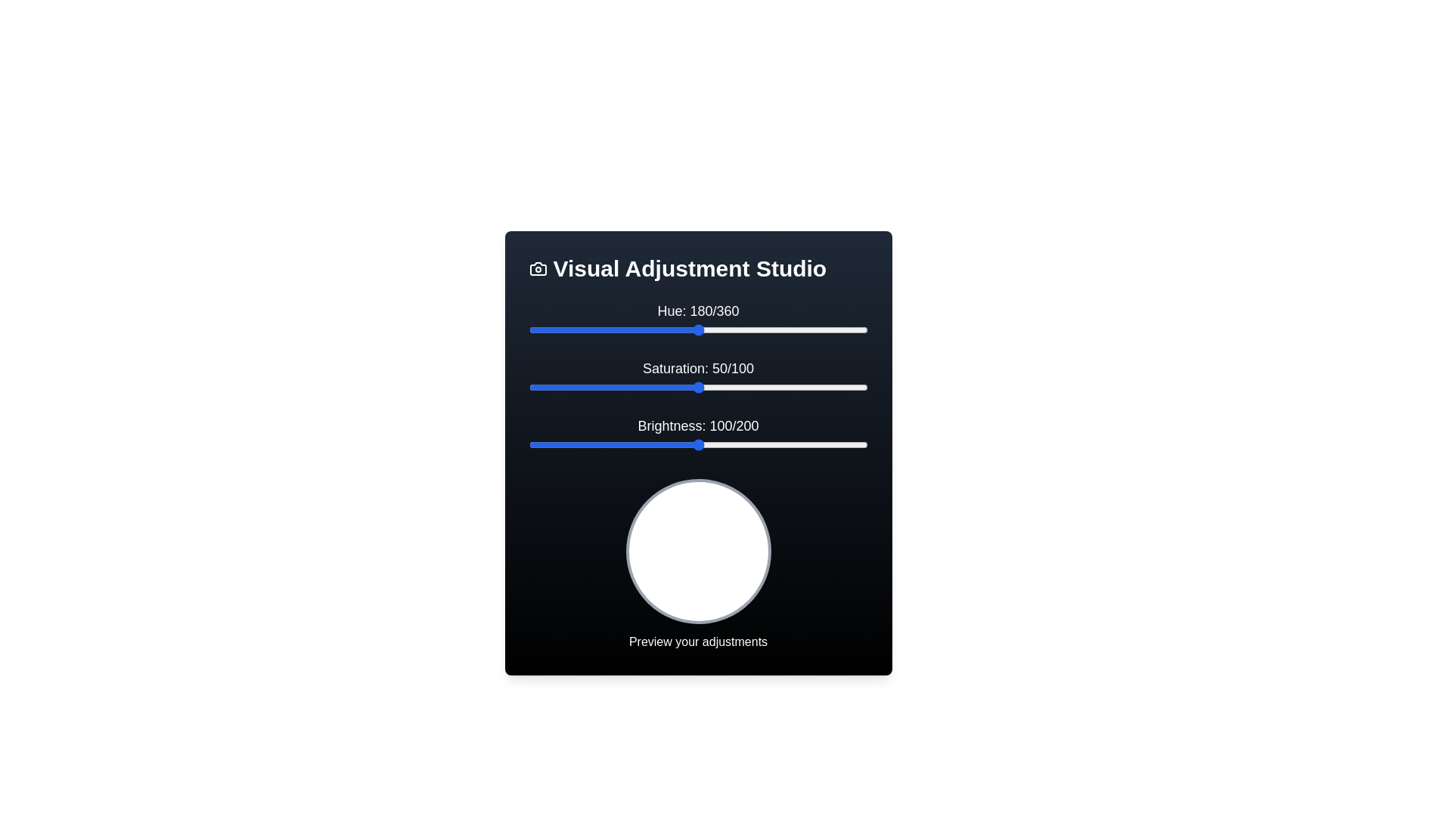  What do you see at coordinates (791, 329) in the screenshot?
I see `the 'Hue' slider to 280 by dragging the slider` at bounding box center [791, 329].